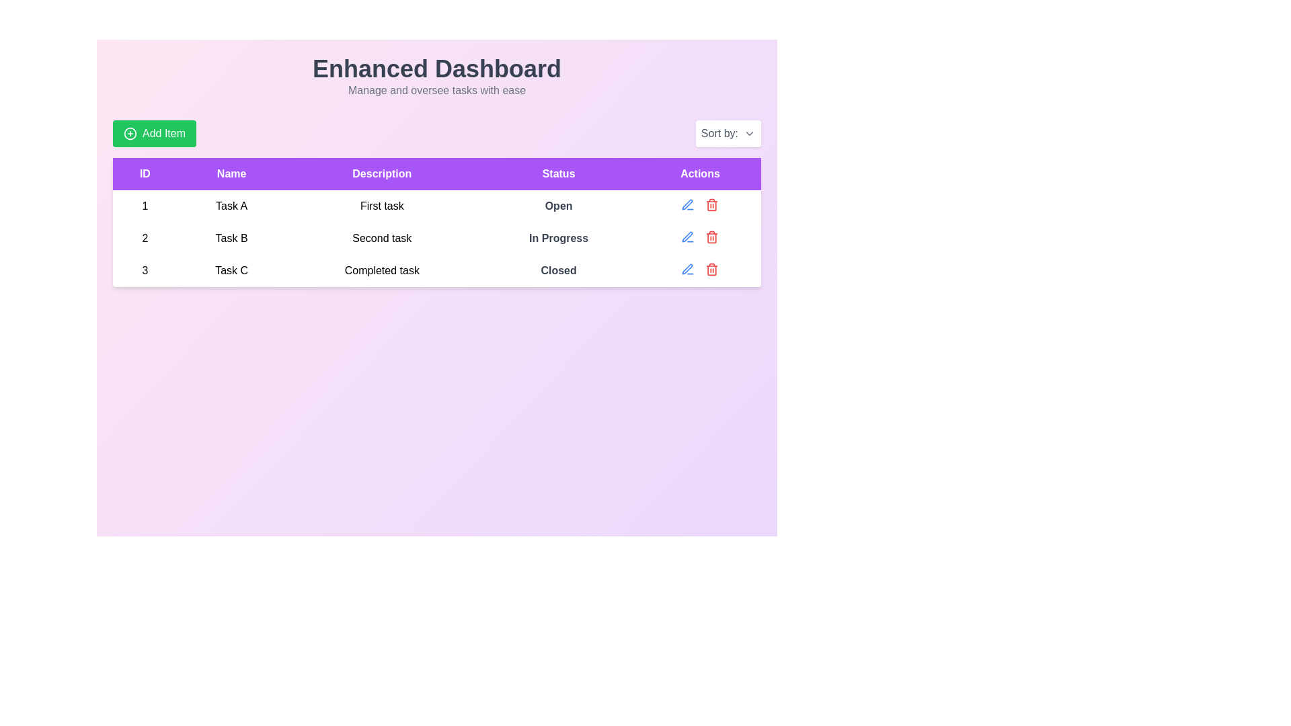 This screenshot has width=1291, height=726. I want to click on the 'circle plus' icon located at the center of the green 'Add Item' button, which features a bold label and is positioned above a table, so click(130, 134).